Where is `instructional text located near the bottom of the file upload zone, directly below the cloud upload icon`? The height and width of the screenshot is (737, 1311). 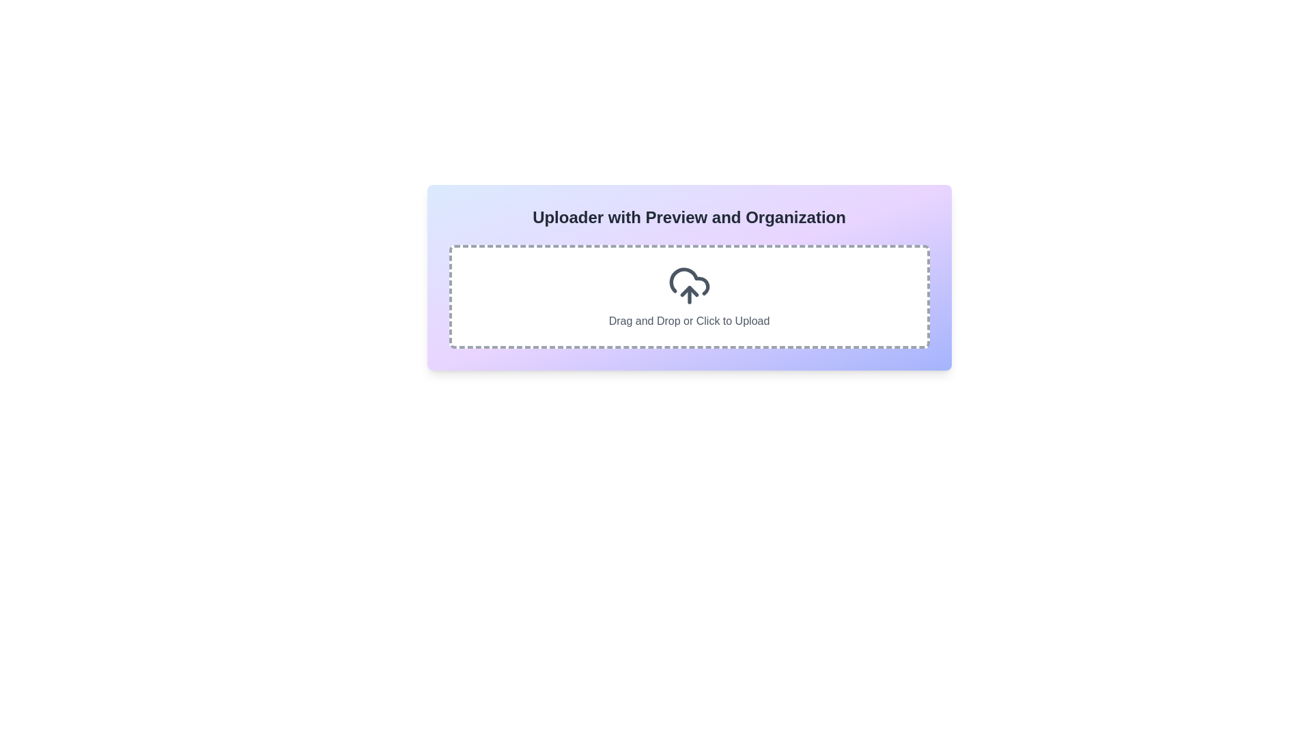
instructional text located near the bottom of the file upload zone, directly below the cloud upload icon is located at coordinates (689, 321).